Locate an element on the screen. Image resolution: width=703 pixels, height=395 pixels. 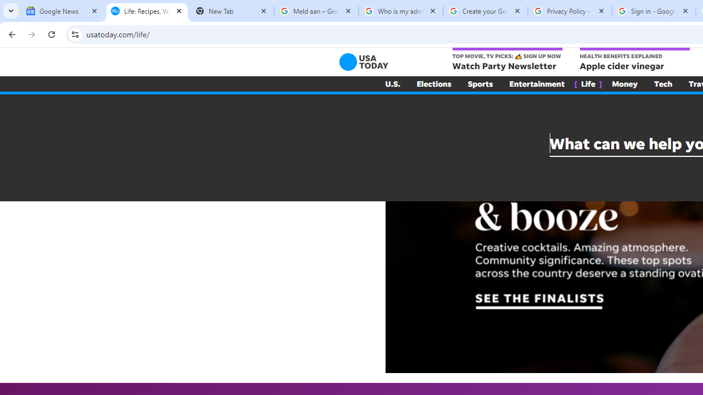
'Tech' is located at coordinates (662, 83).